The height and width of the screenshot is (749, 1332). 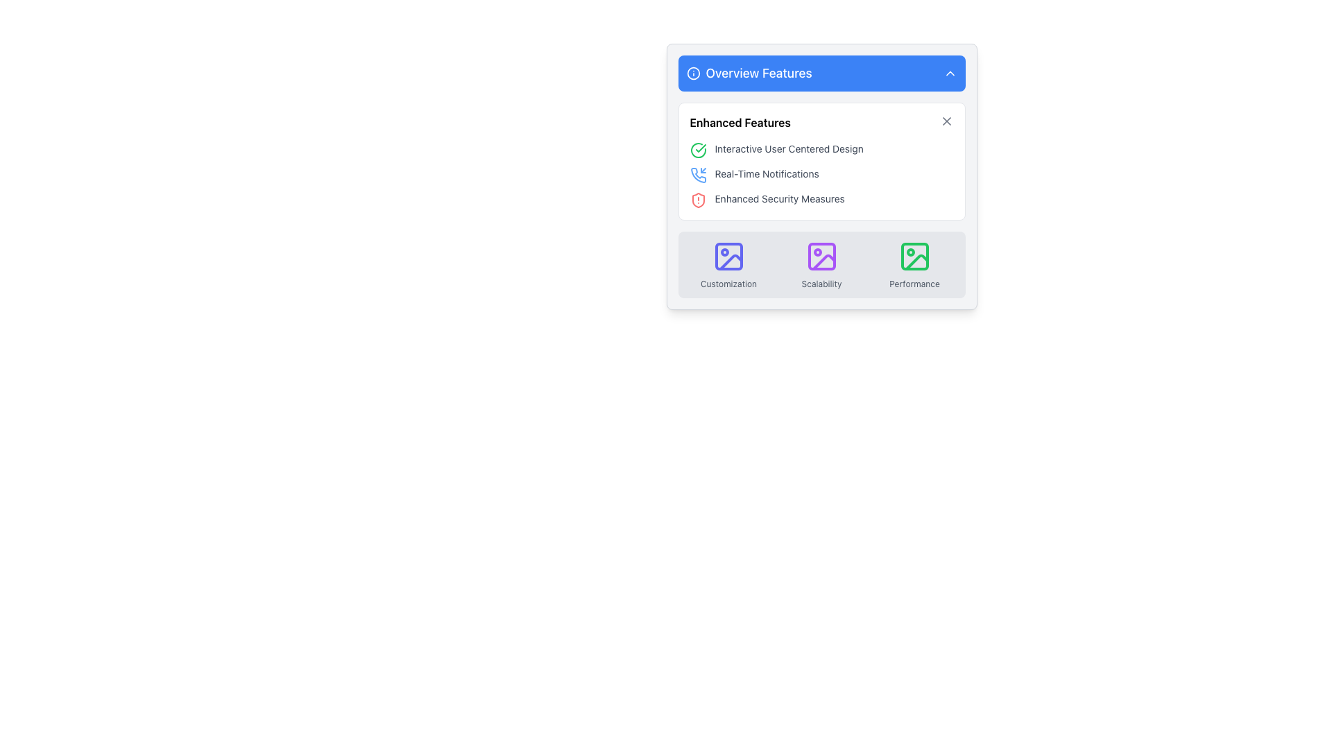 I want to click on the text label displaying 'Enhanced Security Measures' which is styled in gray and positioned next to a red shield icon, as the third item under the heading 'Enhanced Features', so click(x=780, y=198).